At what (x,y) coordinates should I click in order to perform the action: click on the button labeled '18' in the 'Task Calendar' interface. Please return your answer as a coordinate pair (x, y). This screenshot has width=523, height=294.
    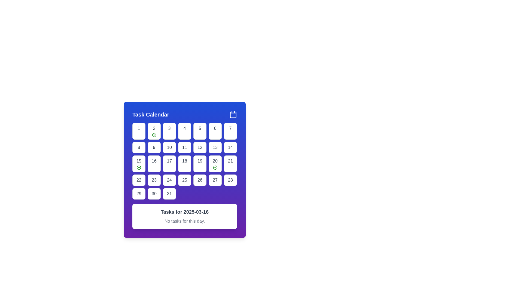
    Looking at the image, I should click on (184, 163).